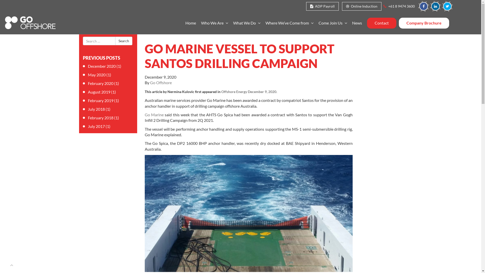 The width and height of the screenshot is (485, 273). Describe the element at coordinates (96, 109) in the screenshot. I see `'July 2018'` at that location.